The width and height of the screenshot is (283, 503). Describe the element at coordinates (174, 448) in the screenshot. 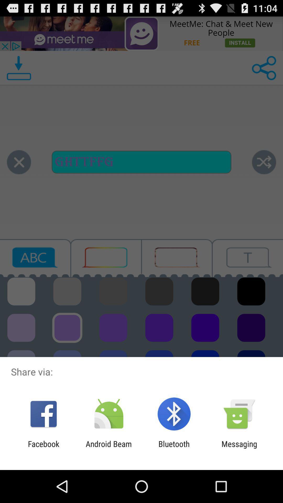

I see `the app next to the messaging item` at that location.